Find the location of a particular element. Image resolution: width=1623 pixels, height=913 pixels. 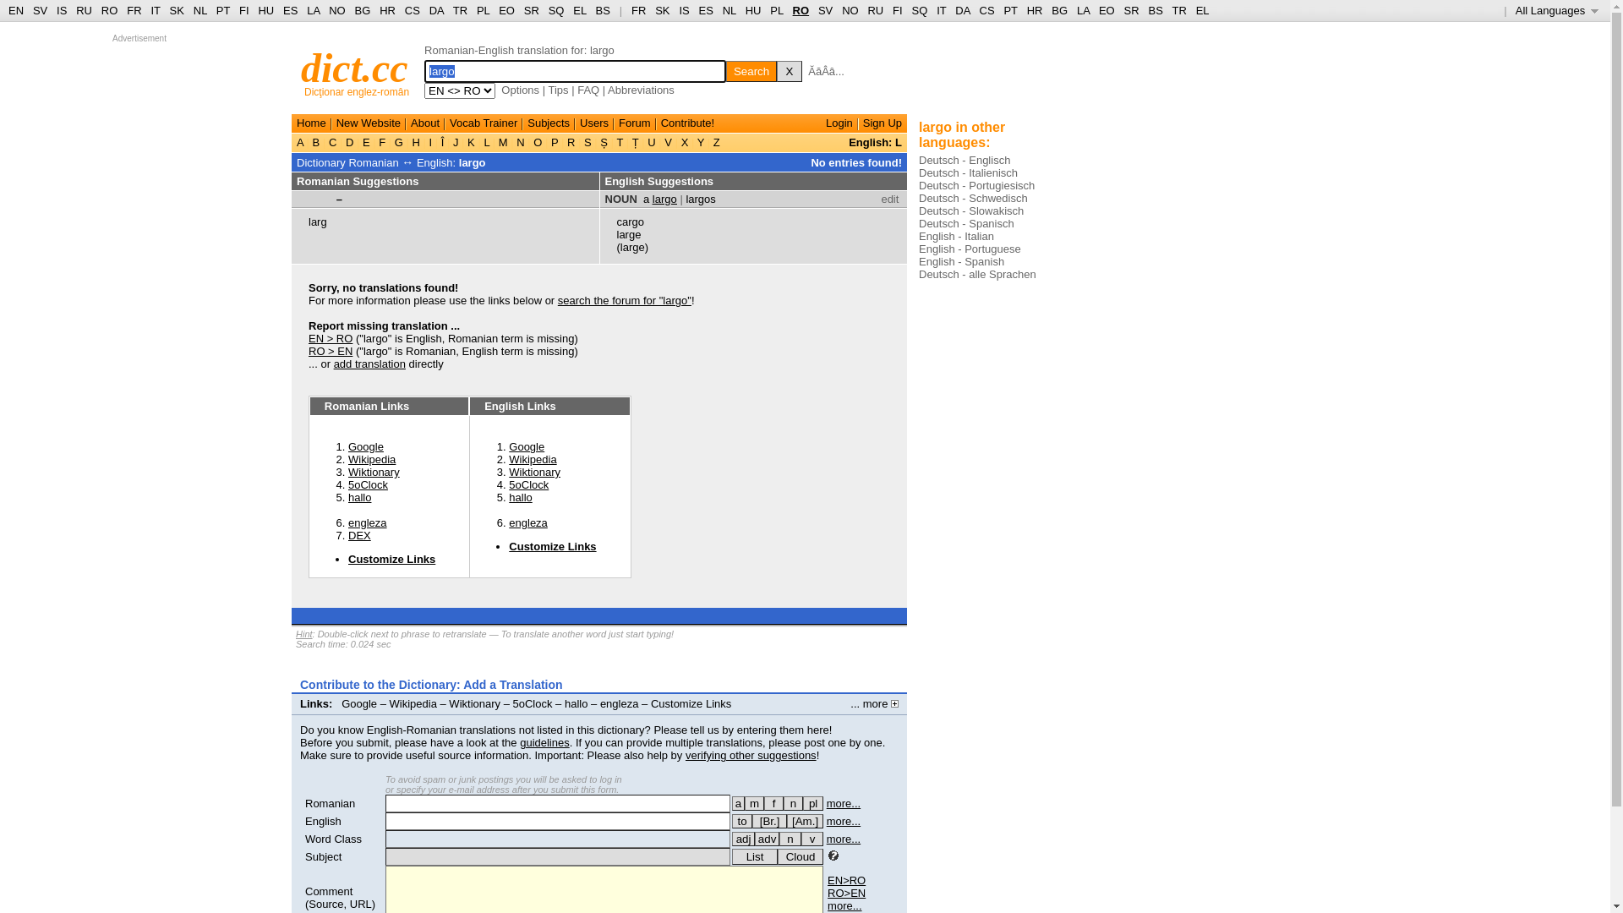

'more...' is located at coordinates (827, 820).